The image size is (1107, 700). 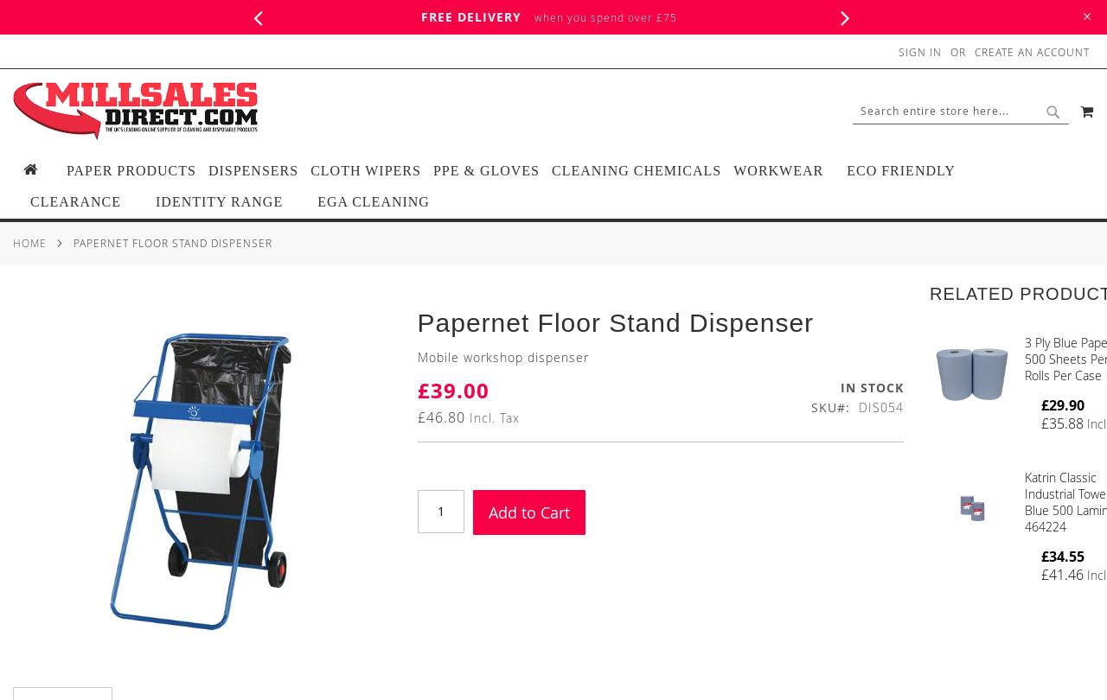 What do you see at coordinates (471, 16) in the screenshot?
I see `'FREE DELIVERY'` at bounding box center [471, 16].